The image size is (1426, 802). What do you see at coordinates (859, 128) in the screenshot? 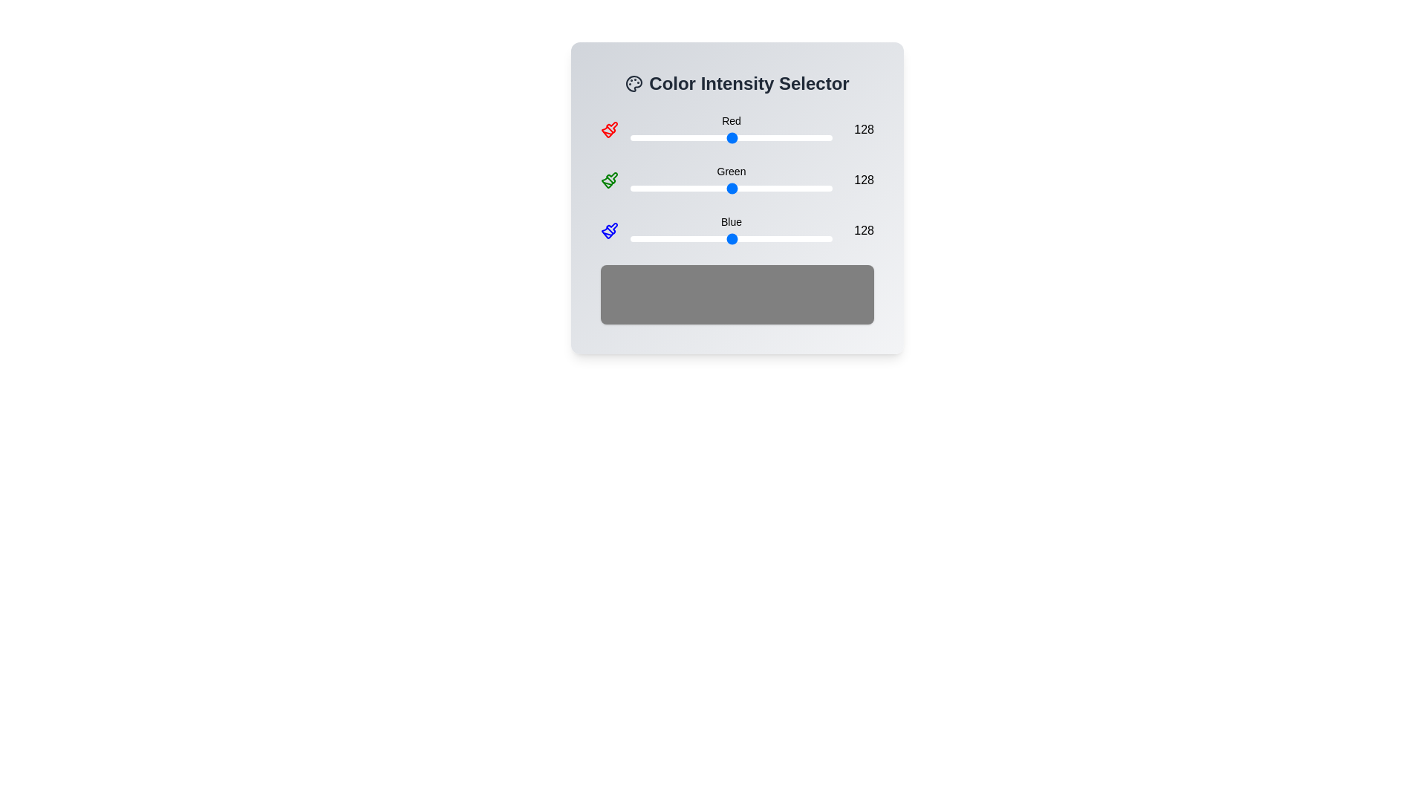
I see `the text element displaying the numeric value '128', which is right-aligned and positioned next to the red label and slider control, indicating its association with red intensity adjustment` at bounding box center [859, 128].